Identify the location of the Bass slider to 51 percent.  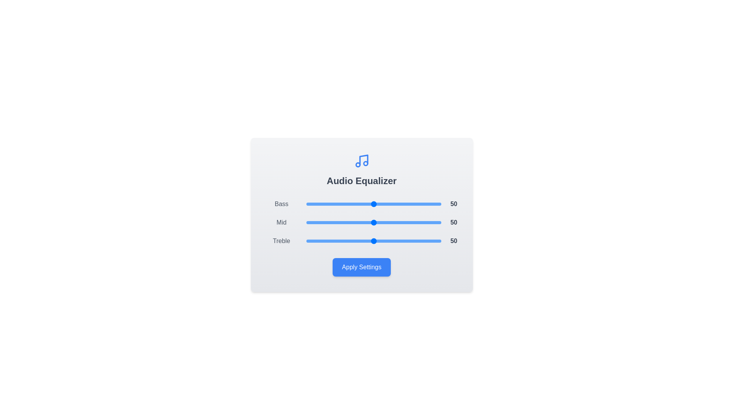
(375, 203).